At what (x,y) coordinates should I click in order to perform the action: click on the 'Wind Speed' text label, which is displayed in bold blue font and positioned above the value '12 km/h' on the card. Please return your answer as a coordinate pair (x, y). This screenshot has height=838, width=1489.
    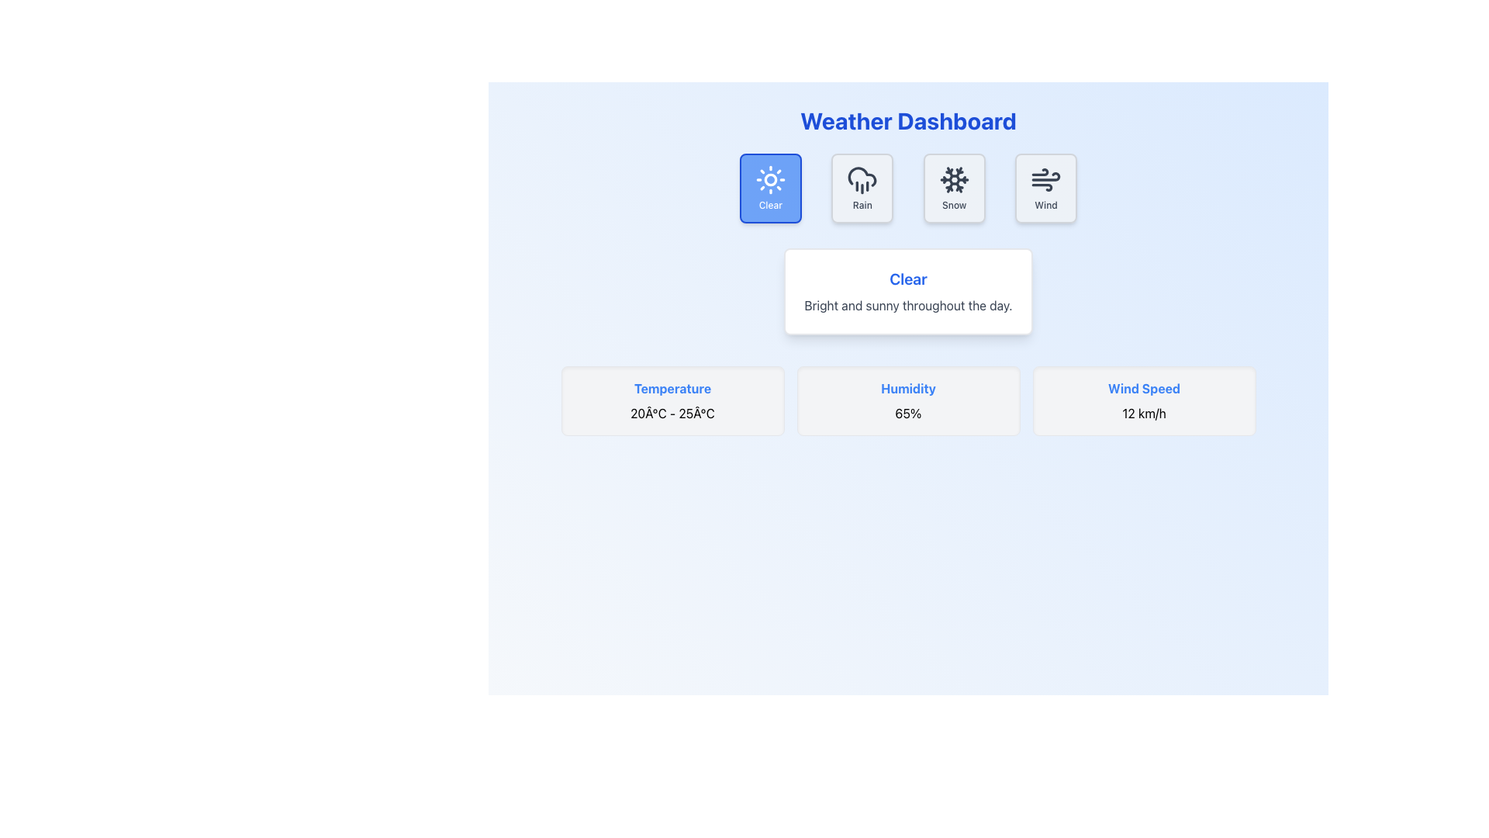
    Looking at the image, I should click on (1144, 388).